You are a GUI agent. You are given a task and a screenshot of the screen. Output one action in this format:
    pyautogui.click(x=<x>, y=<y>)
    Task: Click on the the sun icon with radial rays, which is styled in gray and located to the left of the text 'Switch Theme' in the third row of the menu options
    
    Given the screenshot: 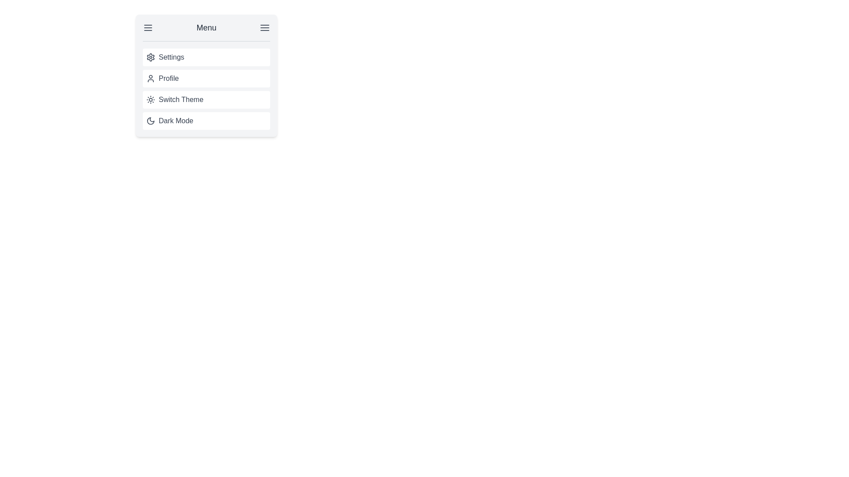 What is the action you would take?
    pyautogui.click(x=150, y=99)
    